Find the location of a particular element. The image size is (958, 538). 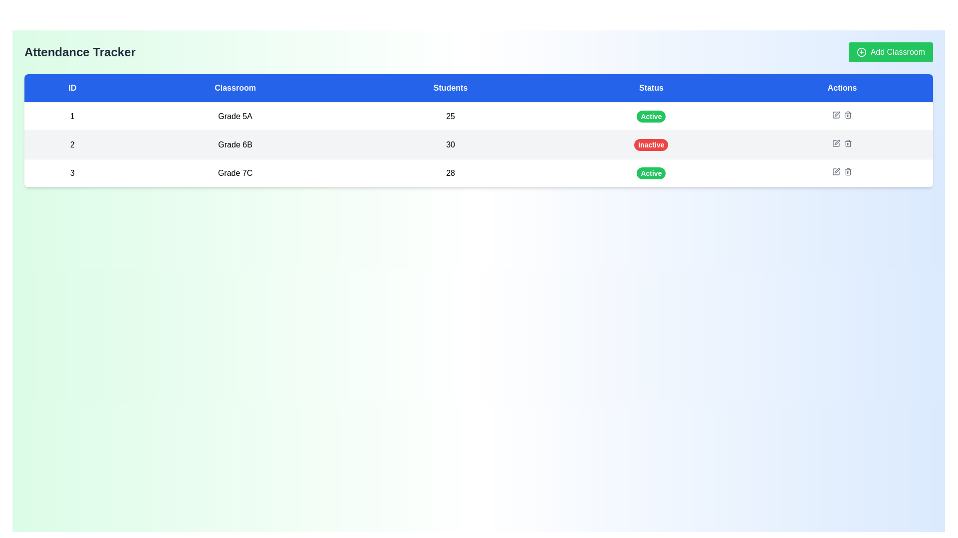

the visually styled label with rounded corners, a green background, and white text that says 'Active' located in the fourth column of the first row under the 'Status' column is located at coordinates (651, 116).